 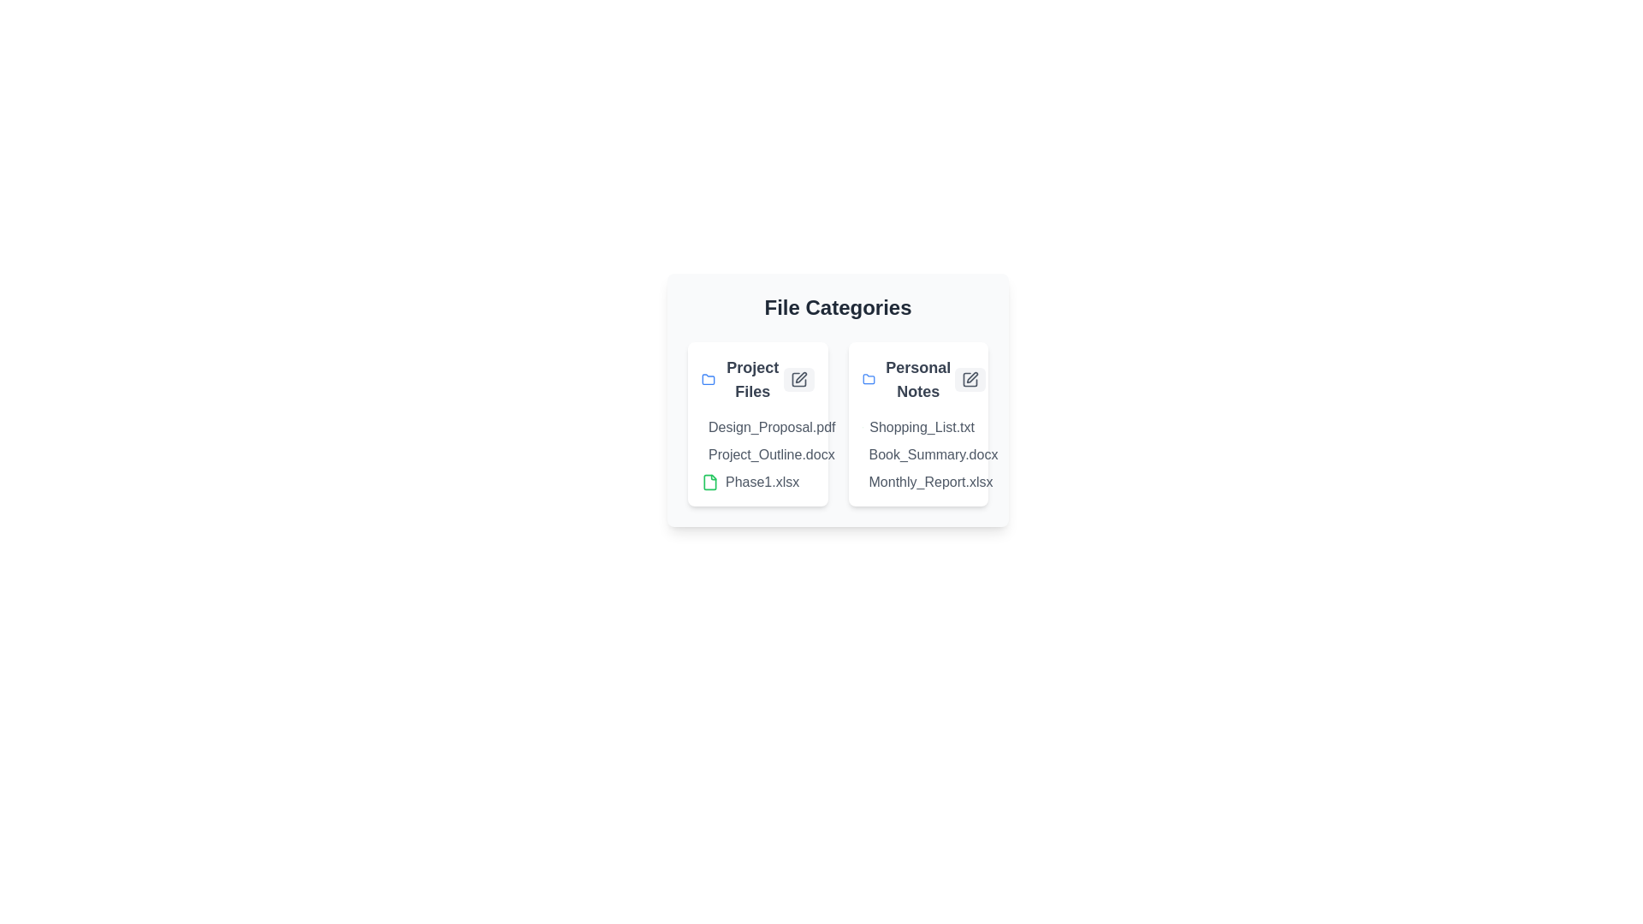 What do you see at coordinates (868, 427) in the screenshot?
I see `the document icon corresponding to Shopping_List.txt` at bounding box center [868, 427].